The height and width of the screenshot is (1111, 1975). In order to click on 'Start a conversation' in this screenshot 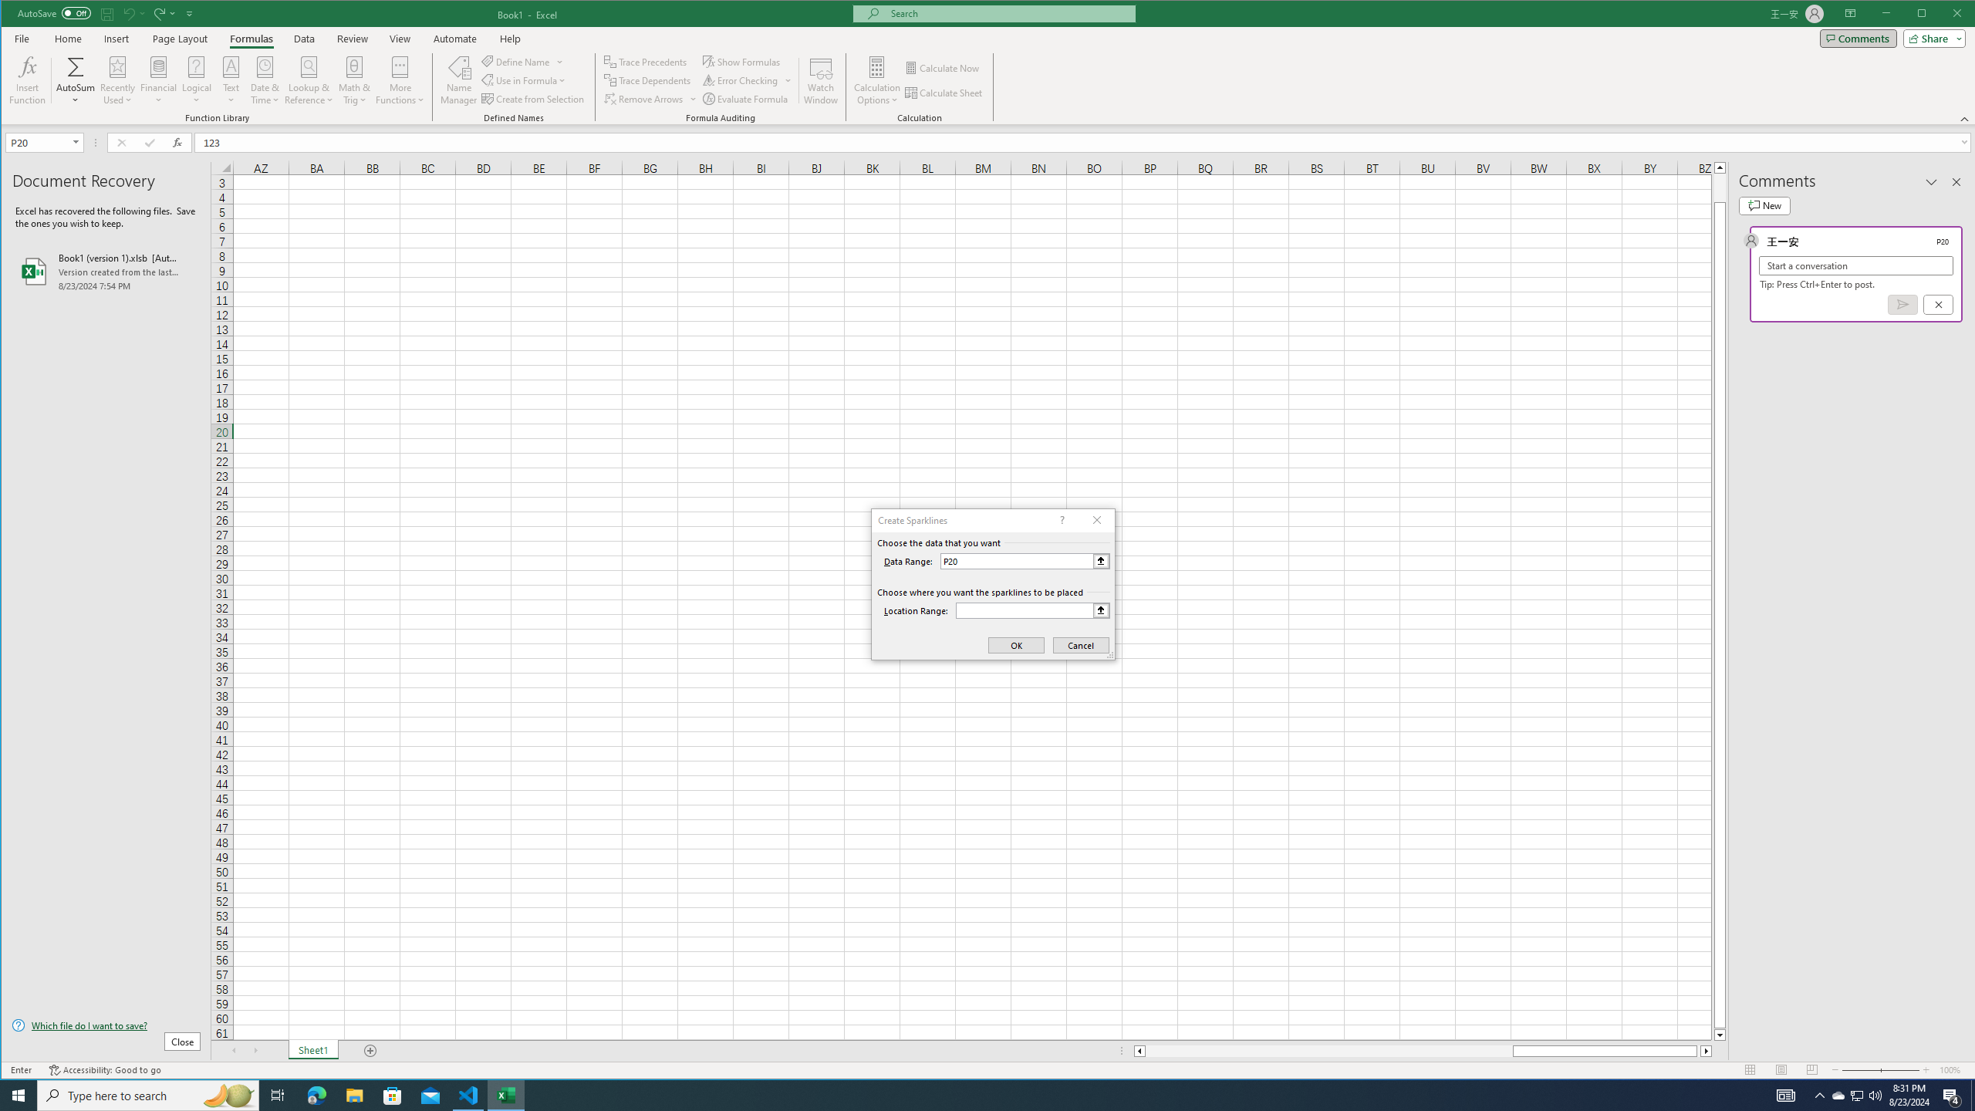, I will do `click(1855, 265)`.